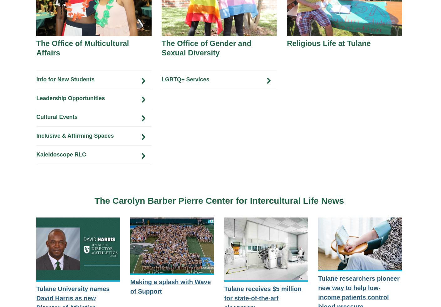  What do you see at coordinates (75, 135) in the screenshot?
I see `'Inclusive & Affirming Spaces'` at bounding box center [75, 135].